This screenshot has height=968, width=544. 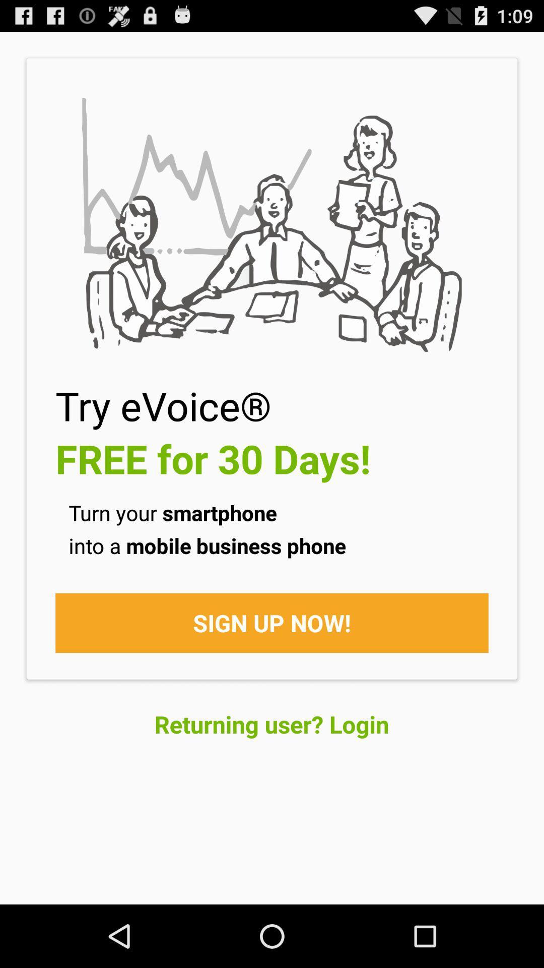 What do you see at coordinates (272, 622) in the screenshot?
I see `item above returning user? login button` at bounding box center [272, 622].